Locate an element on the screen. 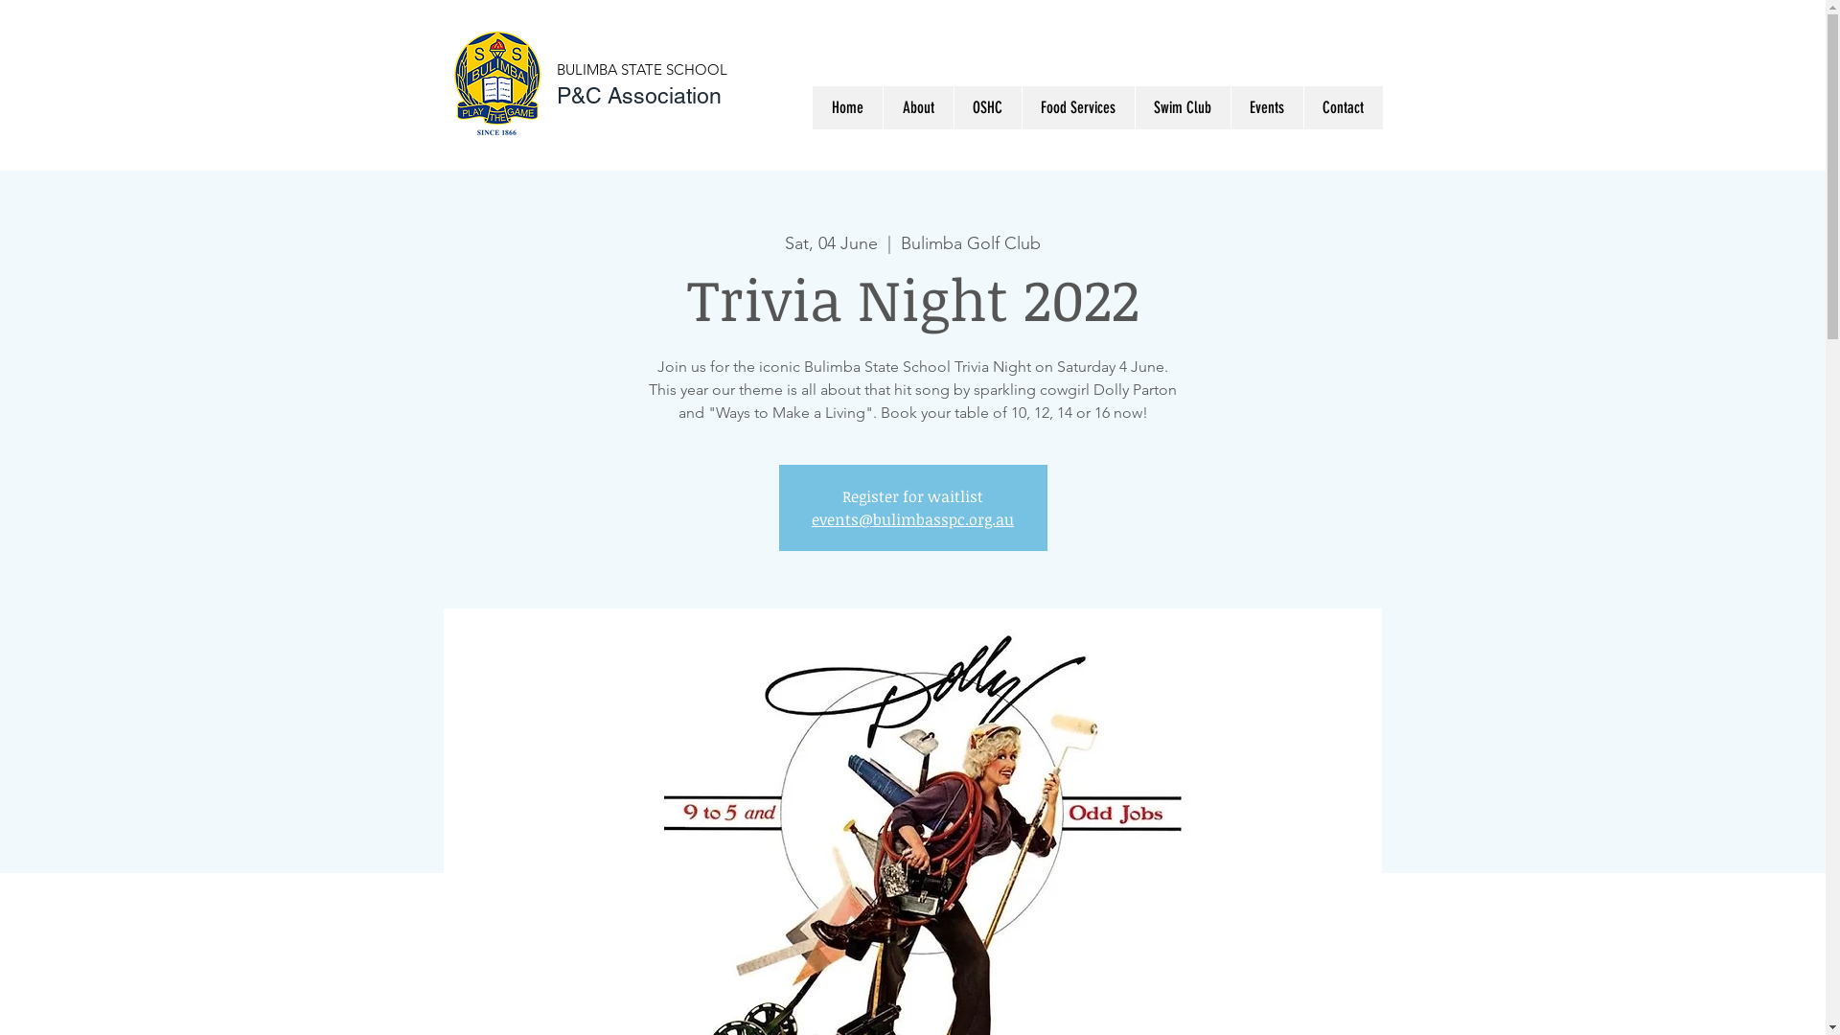  'Home' is located at coordinates (813, 107).